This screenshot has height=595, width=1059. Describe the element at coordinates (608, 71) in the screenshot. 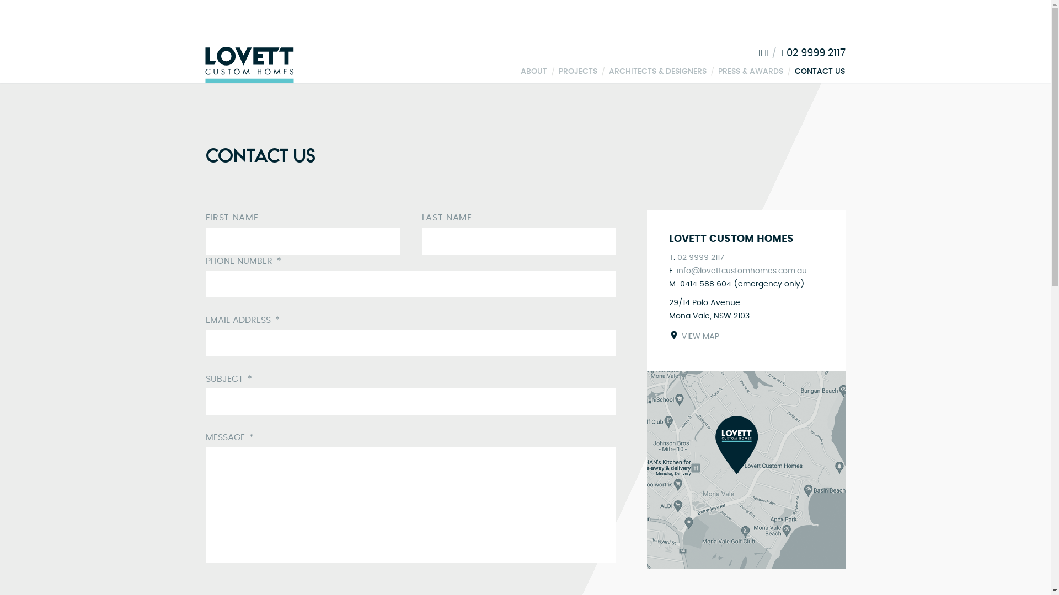

I see `'ARCHITECTS & DESIGNERS'` at that location.